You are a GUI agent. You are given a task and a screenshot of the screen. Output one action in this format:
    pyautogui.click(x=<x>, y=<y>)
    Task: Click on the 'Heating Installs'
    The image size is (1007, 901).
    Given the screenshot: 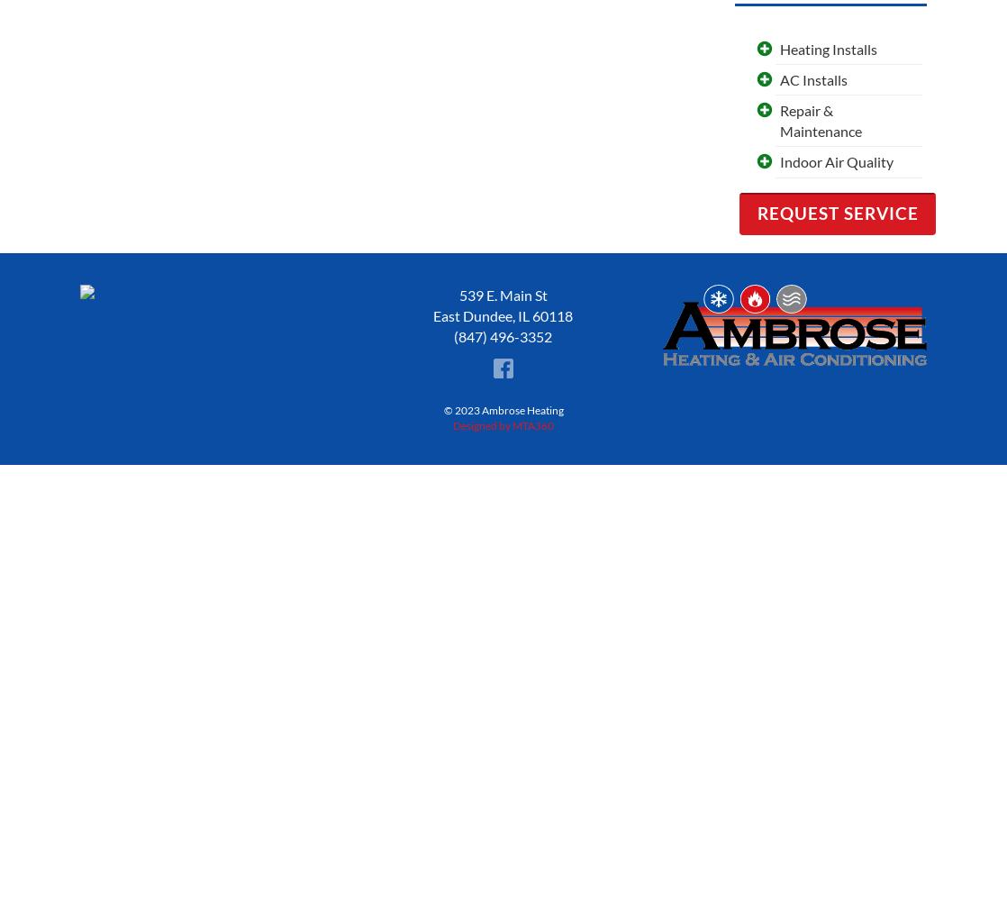 What is the action you would take?
    pyautogui.click(x=828, y=48)
    